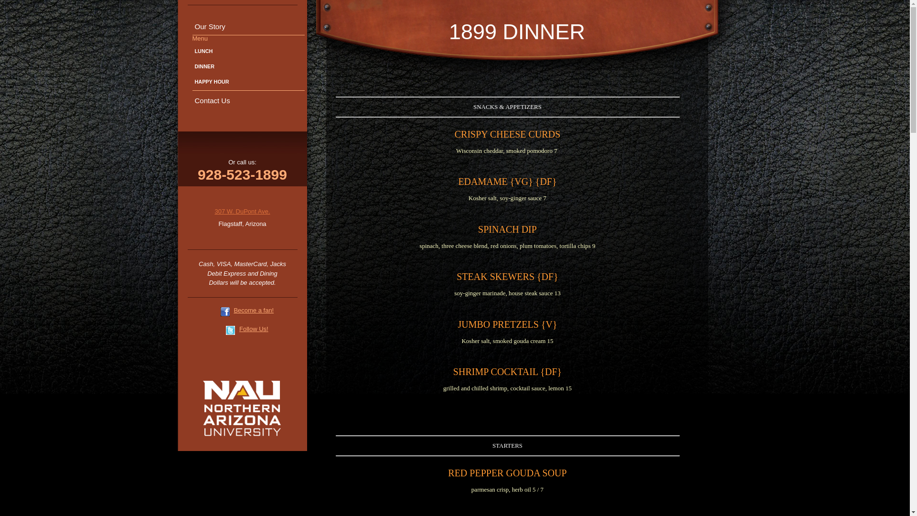 This screenshot has width=917, height=516. Describe the element at coordinates (248, 81) in the screenshot. I see `'HAPPY HOUR'` at that location.